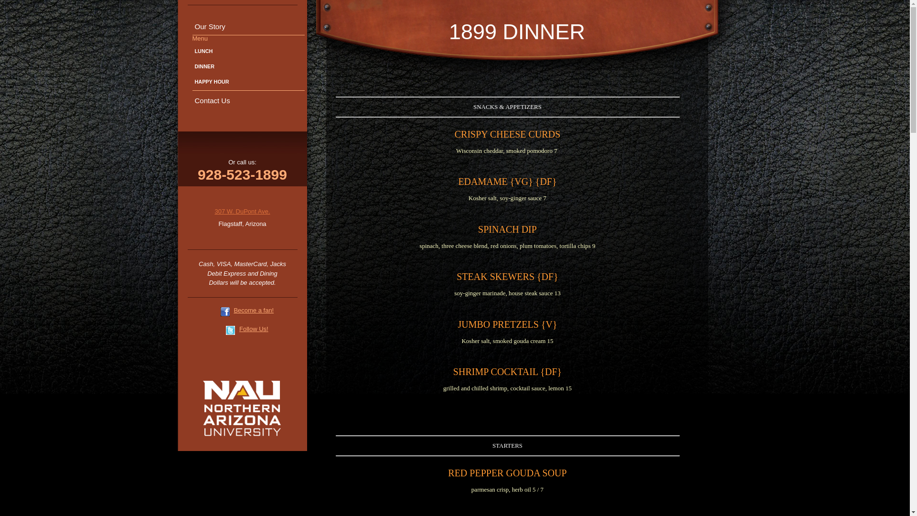 This screenshot has width=917, height=516. Describe the element at coordinates (248, 81) in the screenshot. I see `'HAPPY HOUR'` at that location.